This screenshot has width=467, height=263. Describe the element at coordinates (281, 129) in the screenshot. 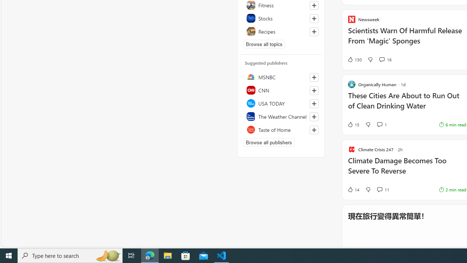

I see `'Taste of Home'` at that location.